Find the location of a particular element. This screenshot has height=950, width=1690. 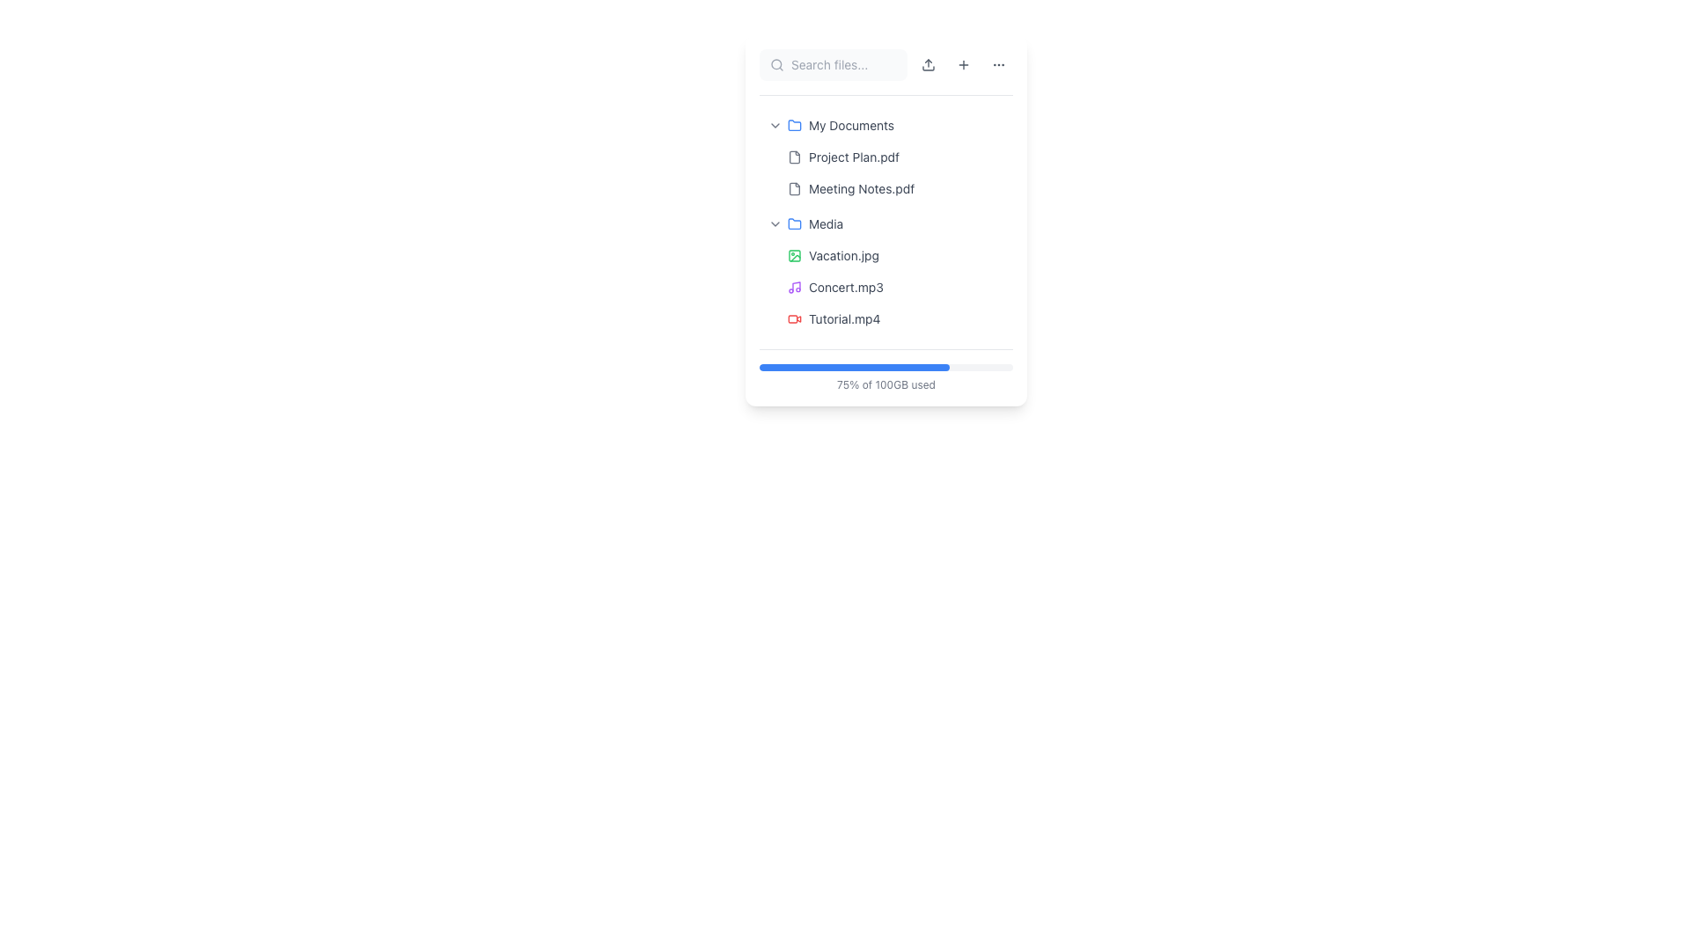

the plus button located in the top-right corner of the panel to initiate the creation of a new item is located at coordinates (962, 63).